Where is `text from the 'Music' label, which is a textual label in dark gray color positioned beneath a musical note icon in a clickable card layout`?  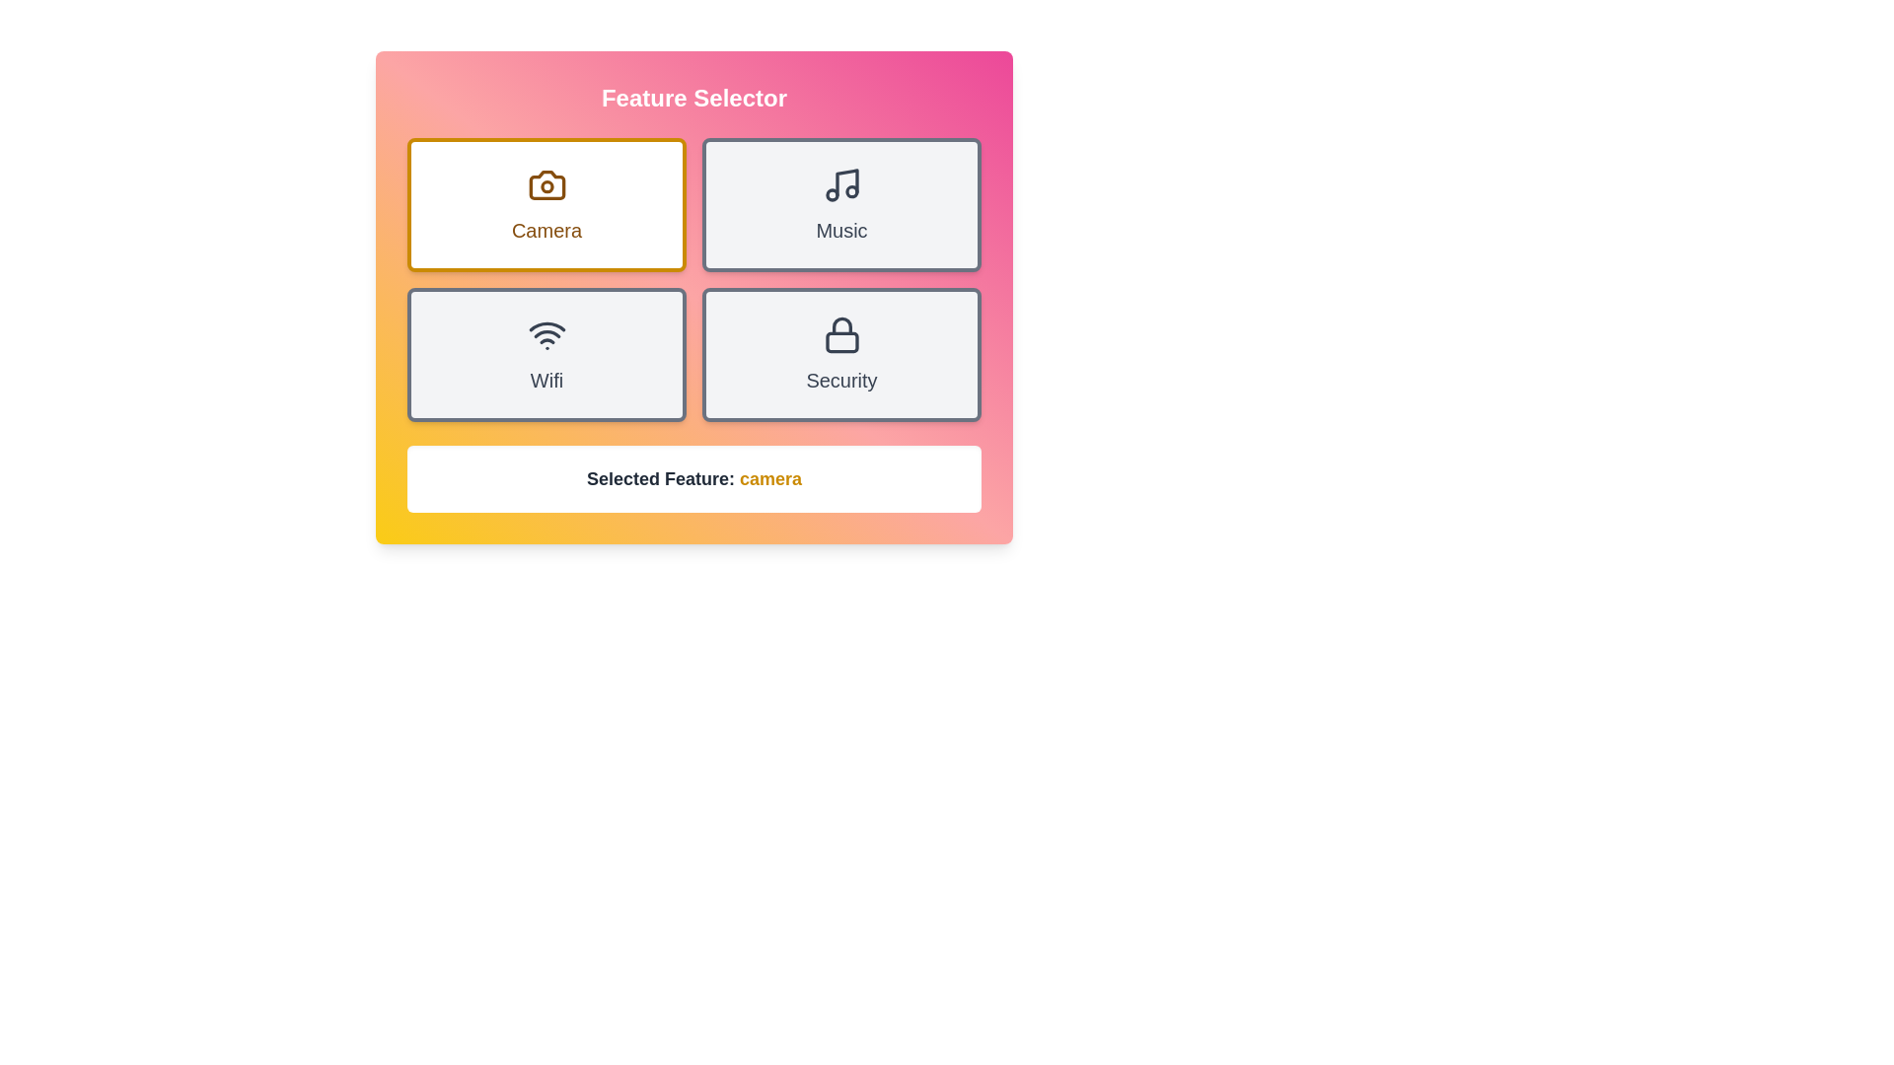
text from the 'Music' label, which is a textual label in dark gray color positioned beneath a musical note icon in a clickable card layout is located at coordinates (841, 230).